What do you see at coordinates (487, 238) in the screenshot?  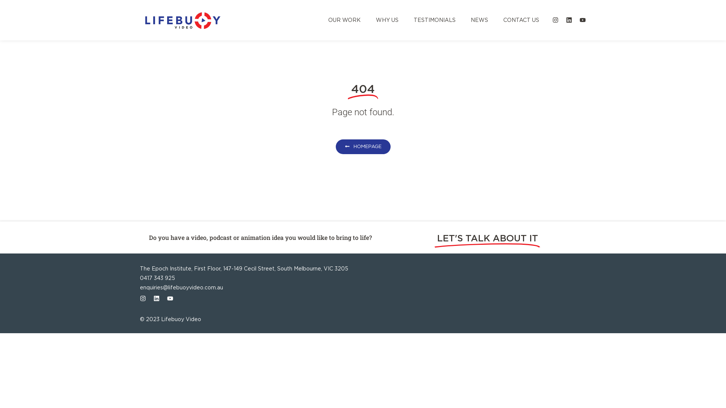 I see `'LET'S TALK ABOUT IT'` at bounding box center [487, 238].